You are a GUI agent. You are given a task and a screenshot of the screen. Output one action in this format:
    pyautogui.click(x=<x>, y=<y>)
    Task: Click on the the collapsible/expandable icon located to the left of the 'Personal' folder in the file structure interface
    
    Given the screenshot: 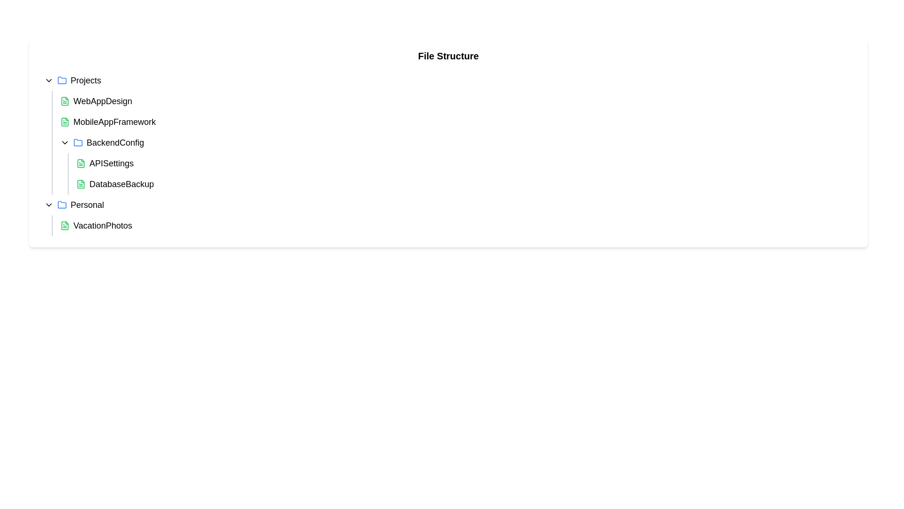 What is the action you would take?
    pyautogui.click(x=48, y=205)
    